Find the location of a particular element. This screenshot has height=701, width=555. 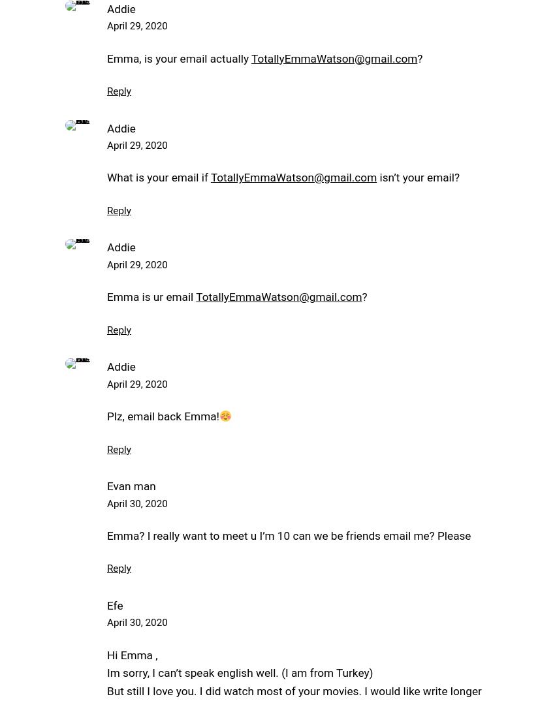

'Efe' is located at coordinates (106, 604).